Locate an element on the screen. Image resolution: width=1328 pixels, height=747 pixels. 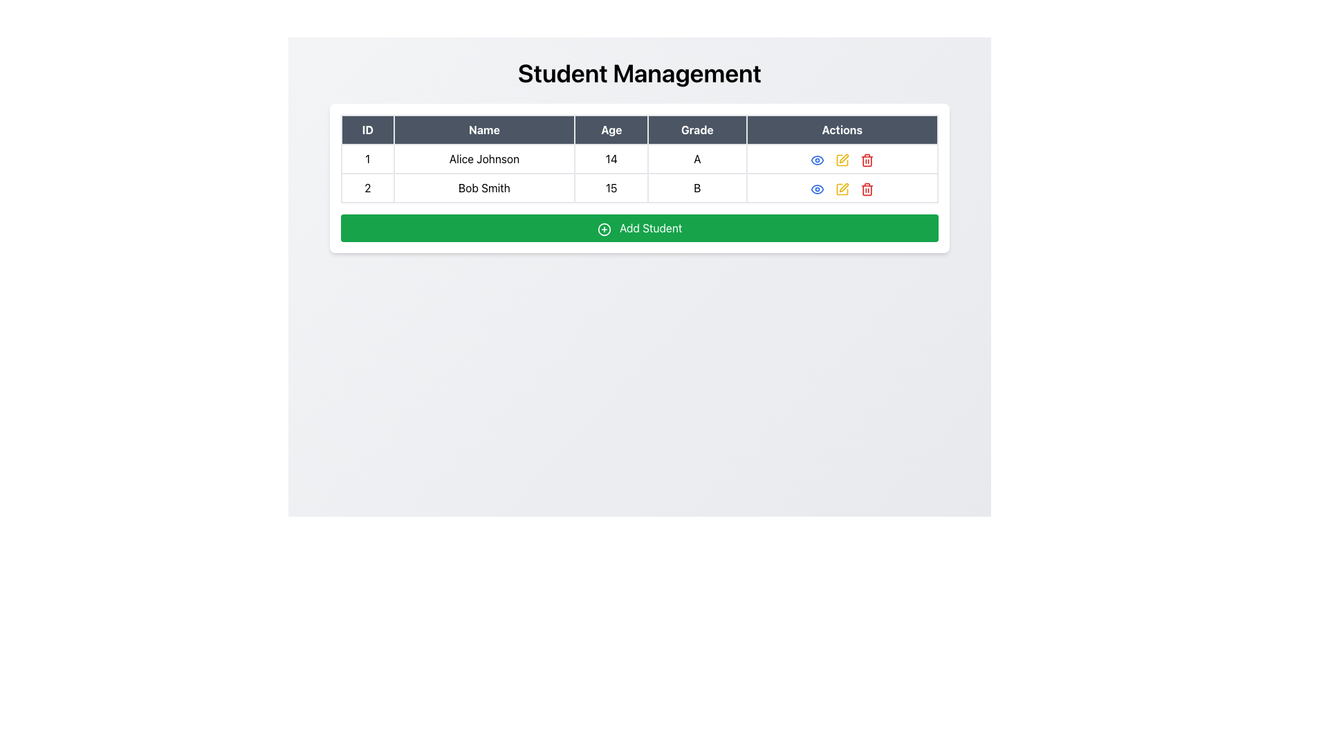
content for the table row containing 'Bob Smith' with ID '2', Age '15', and Grade 'B' is located at coordinates (639, 188).